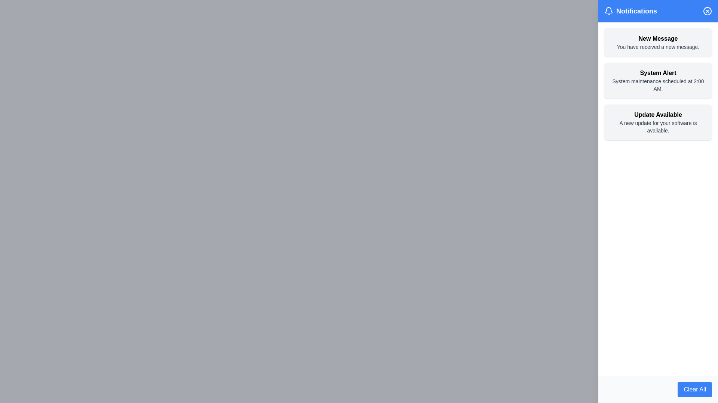 The height and width of the screenshot is (403, 718). What do you see at coordinates (608, 11) in the screenshot?
I see `the blue bell icon located to the left of the 'Notifications' text in the header section` at bounding box center [608, 11].